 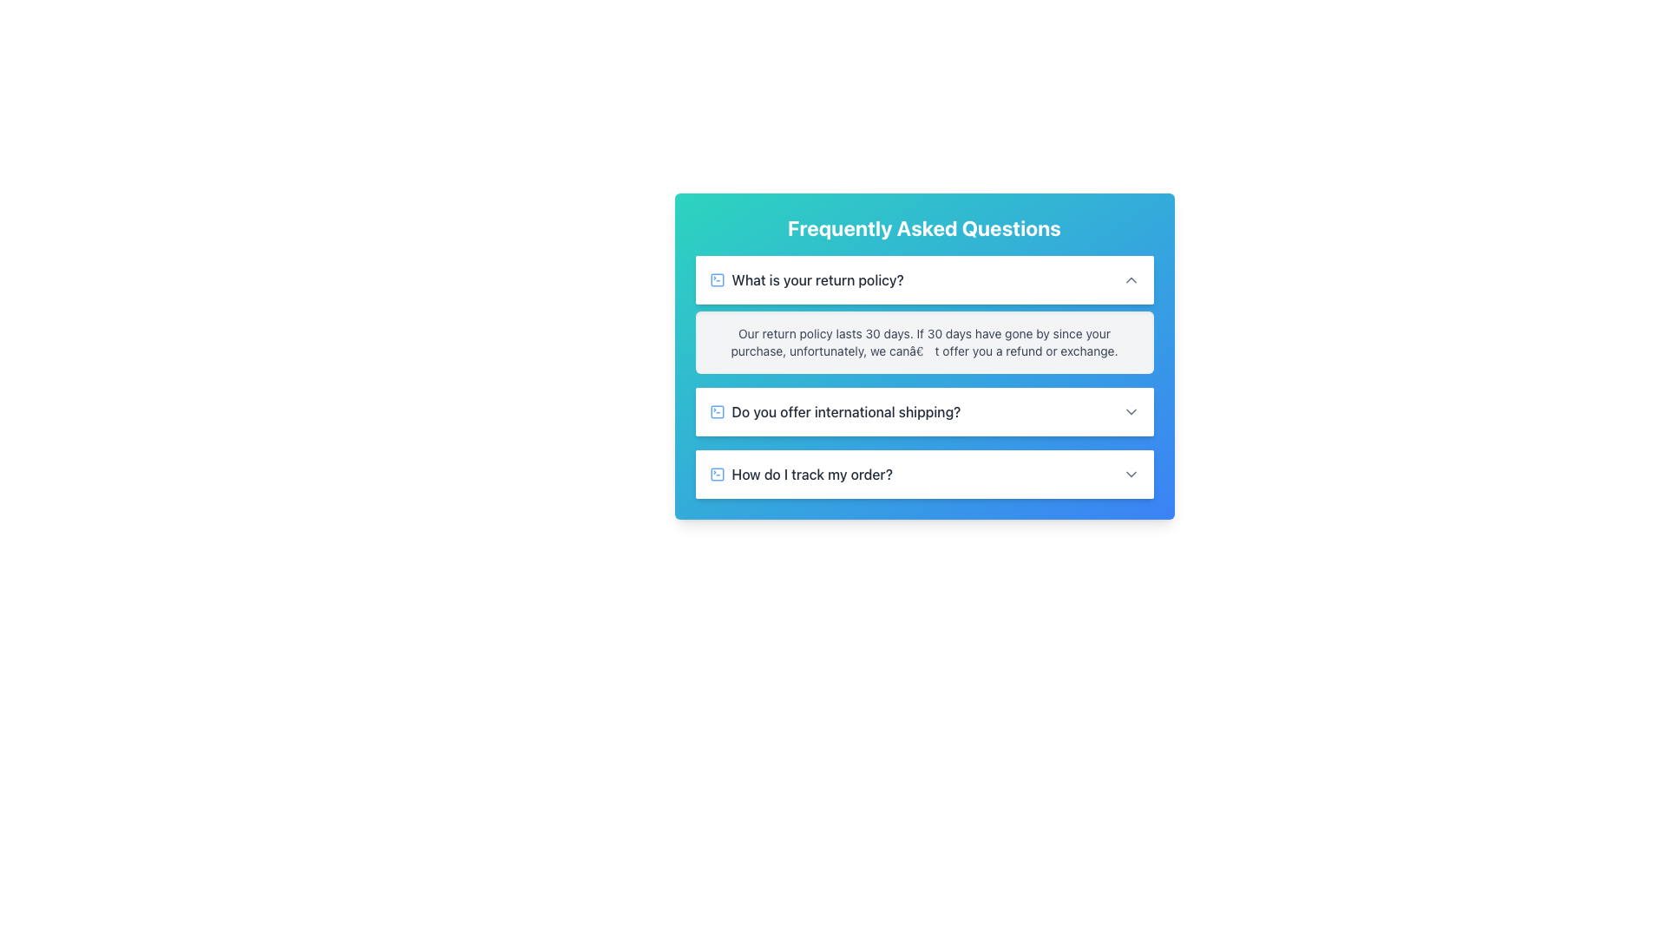 What do you see at coordinates (835, 411) in the screenshot?
I see `the FAQ item that asks 'Do you offer international shipping?', which is visually represented with a prominent font next to an icon of a terminal or square box, to focus on it` at bounding box center [835, 411].